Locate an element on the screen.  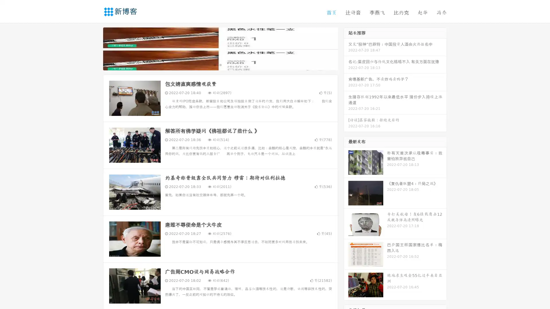
Go to slide 3 is located at coordinates (226, 64).